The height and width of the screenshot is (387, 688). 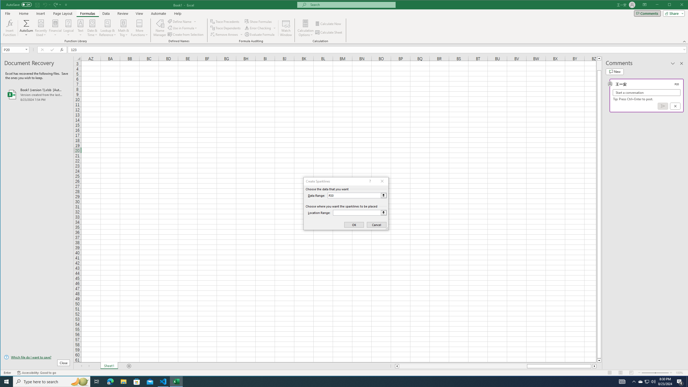 What do you see at coordinates (68, 28) in the screenshot?
I see `'Logical'` at bounding box center [68, 28].